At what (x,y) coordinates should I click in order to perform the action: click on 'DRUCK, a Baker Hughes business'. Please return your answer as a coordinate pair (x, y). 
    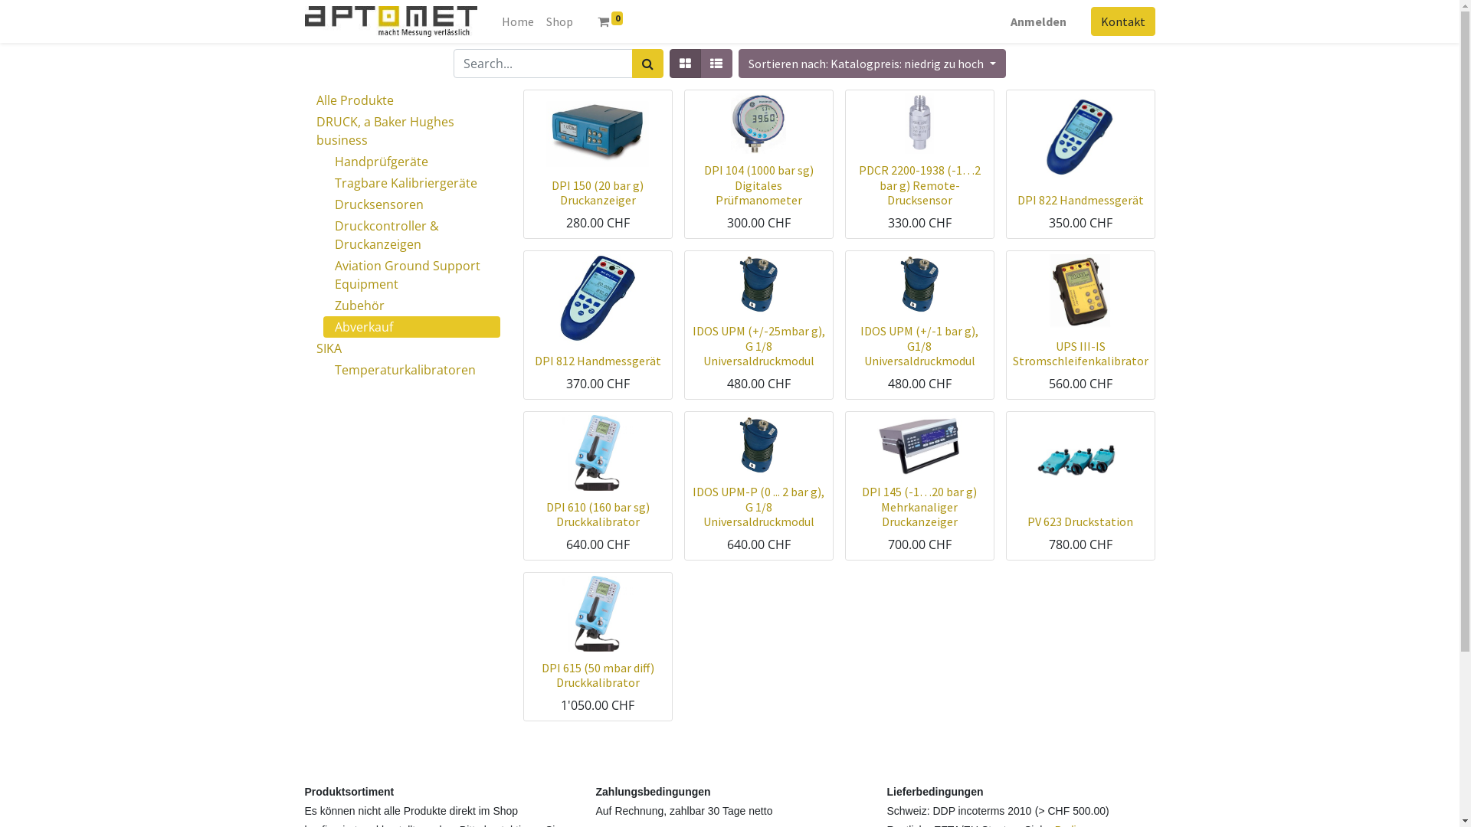
    Looking at the image, I should click on (402, 129).